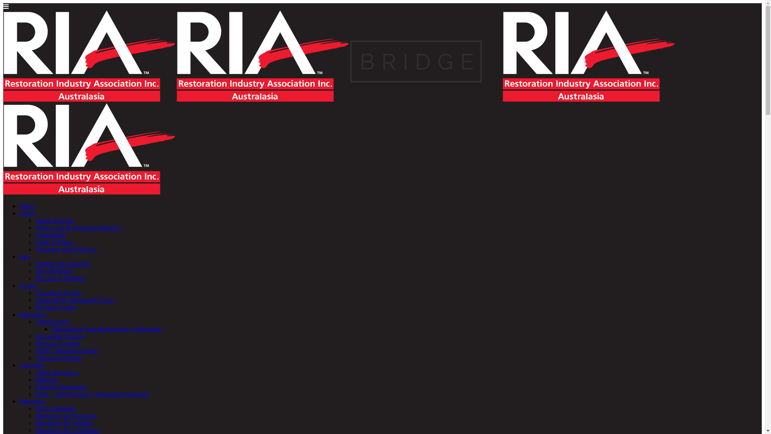 Image resolution: width=771 pixels, height=434 pixels. I want to click on 'Position Statements', so click(35, 386).